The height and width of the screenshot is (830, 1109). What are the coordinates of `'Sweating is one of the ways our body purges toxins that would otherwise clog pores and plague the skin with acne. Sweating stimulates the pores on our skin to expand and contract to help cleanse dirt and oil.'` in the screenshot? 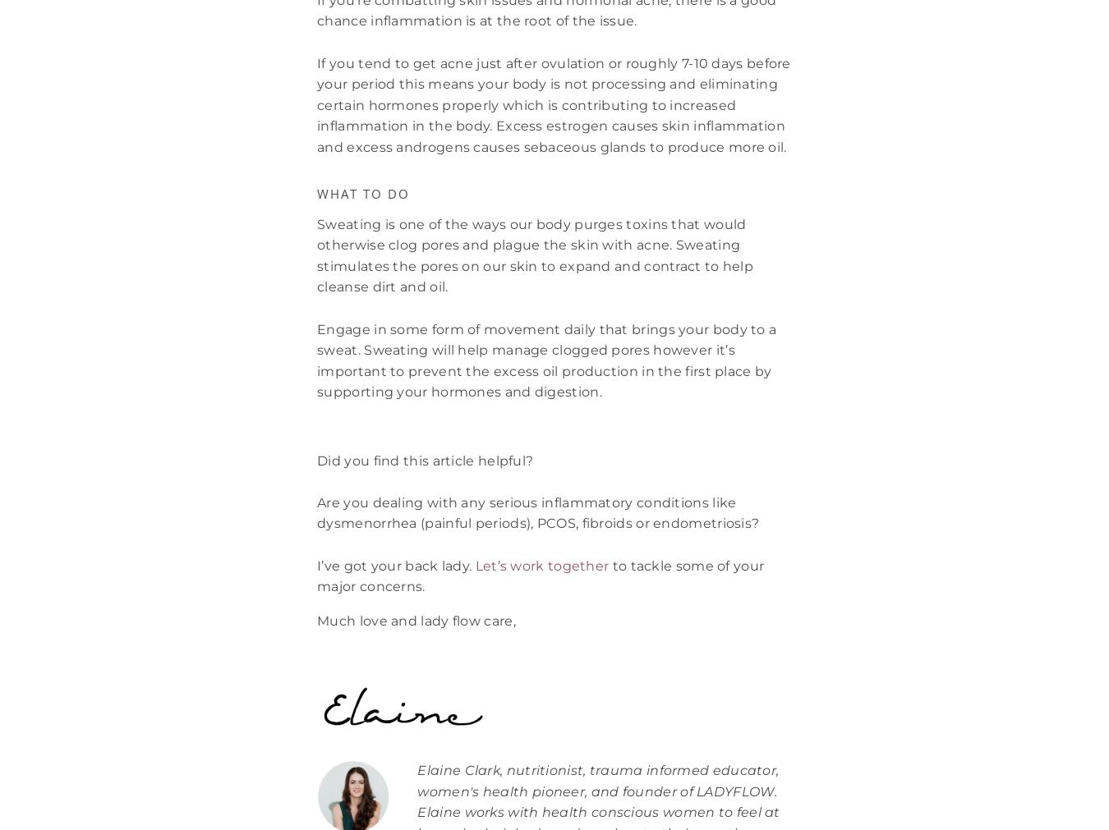 It's located at (536, 255).